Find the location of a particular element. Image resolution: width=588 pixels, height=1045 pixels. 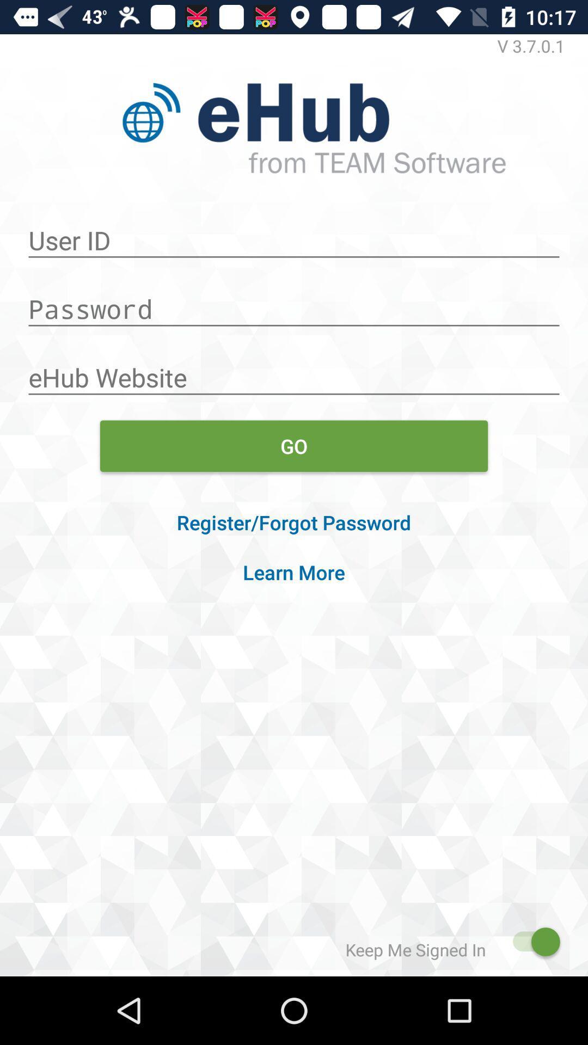

password text box is located at coordinates (294, 303).